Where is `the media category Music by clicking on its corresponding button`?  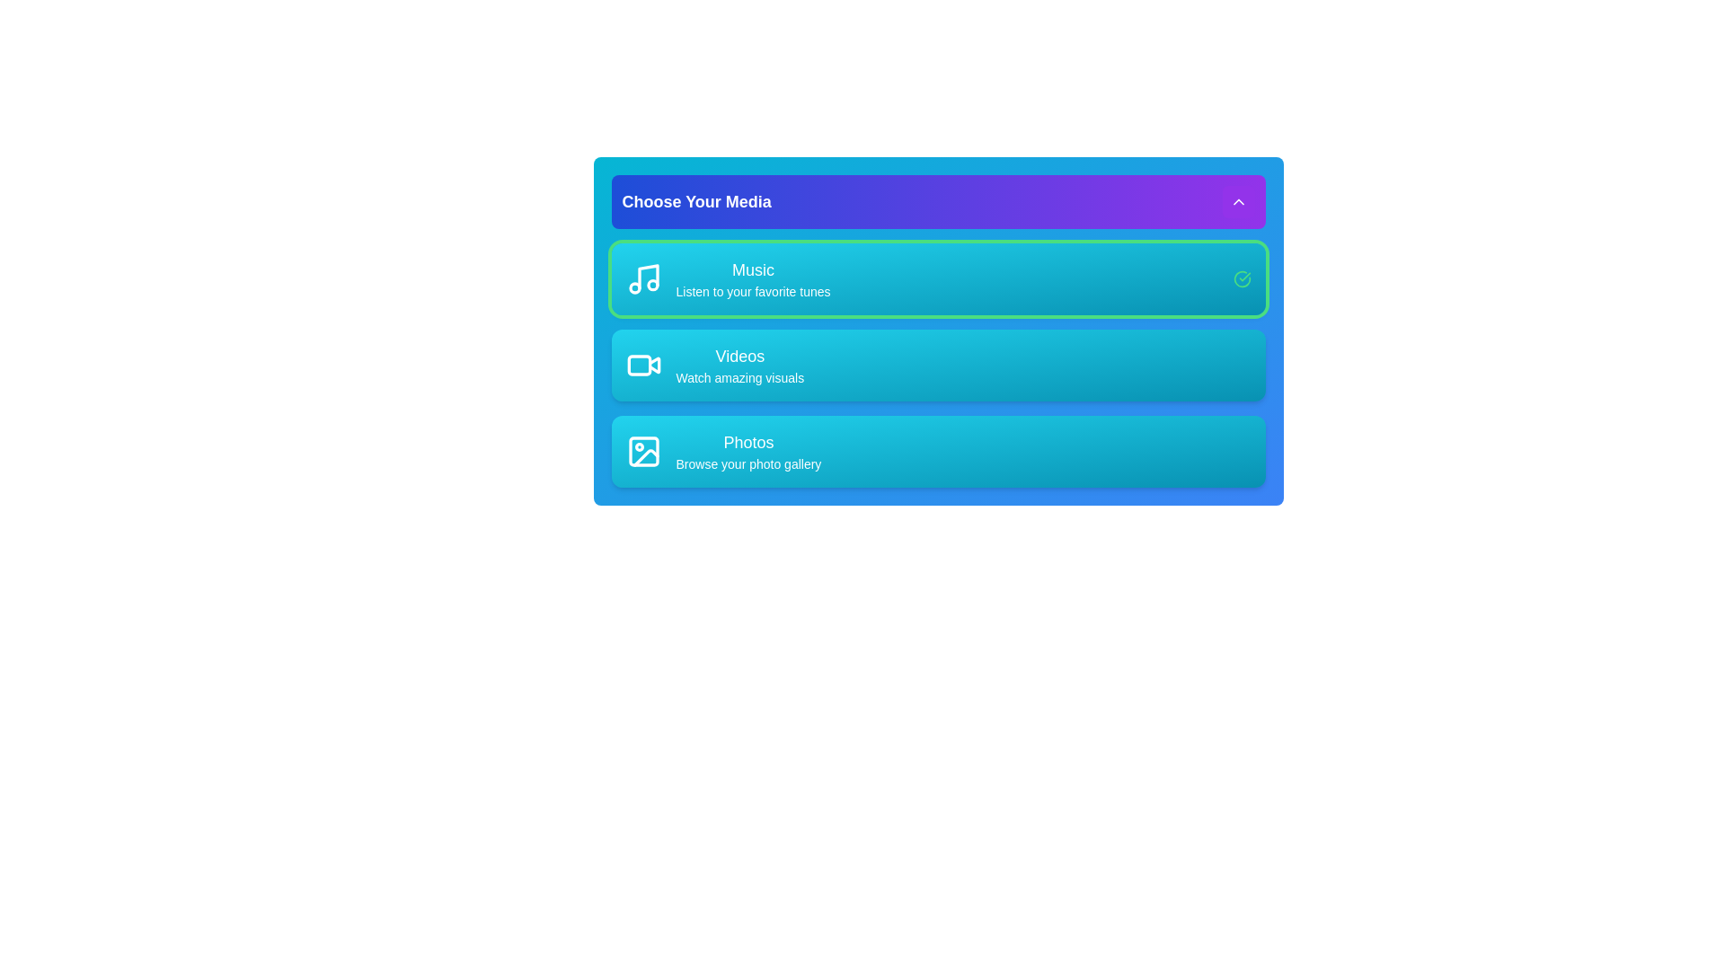 the media category Music by clicking on its corresponding button is located at coordinates (728, 279).